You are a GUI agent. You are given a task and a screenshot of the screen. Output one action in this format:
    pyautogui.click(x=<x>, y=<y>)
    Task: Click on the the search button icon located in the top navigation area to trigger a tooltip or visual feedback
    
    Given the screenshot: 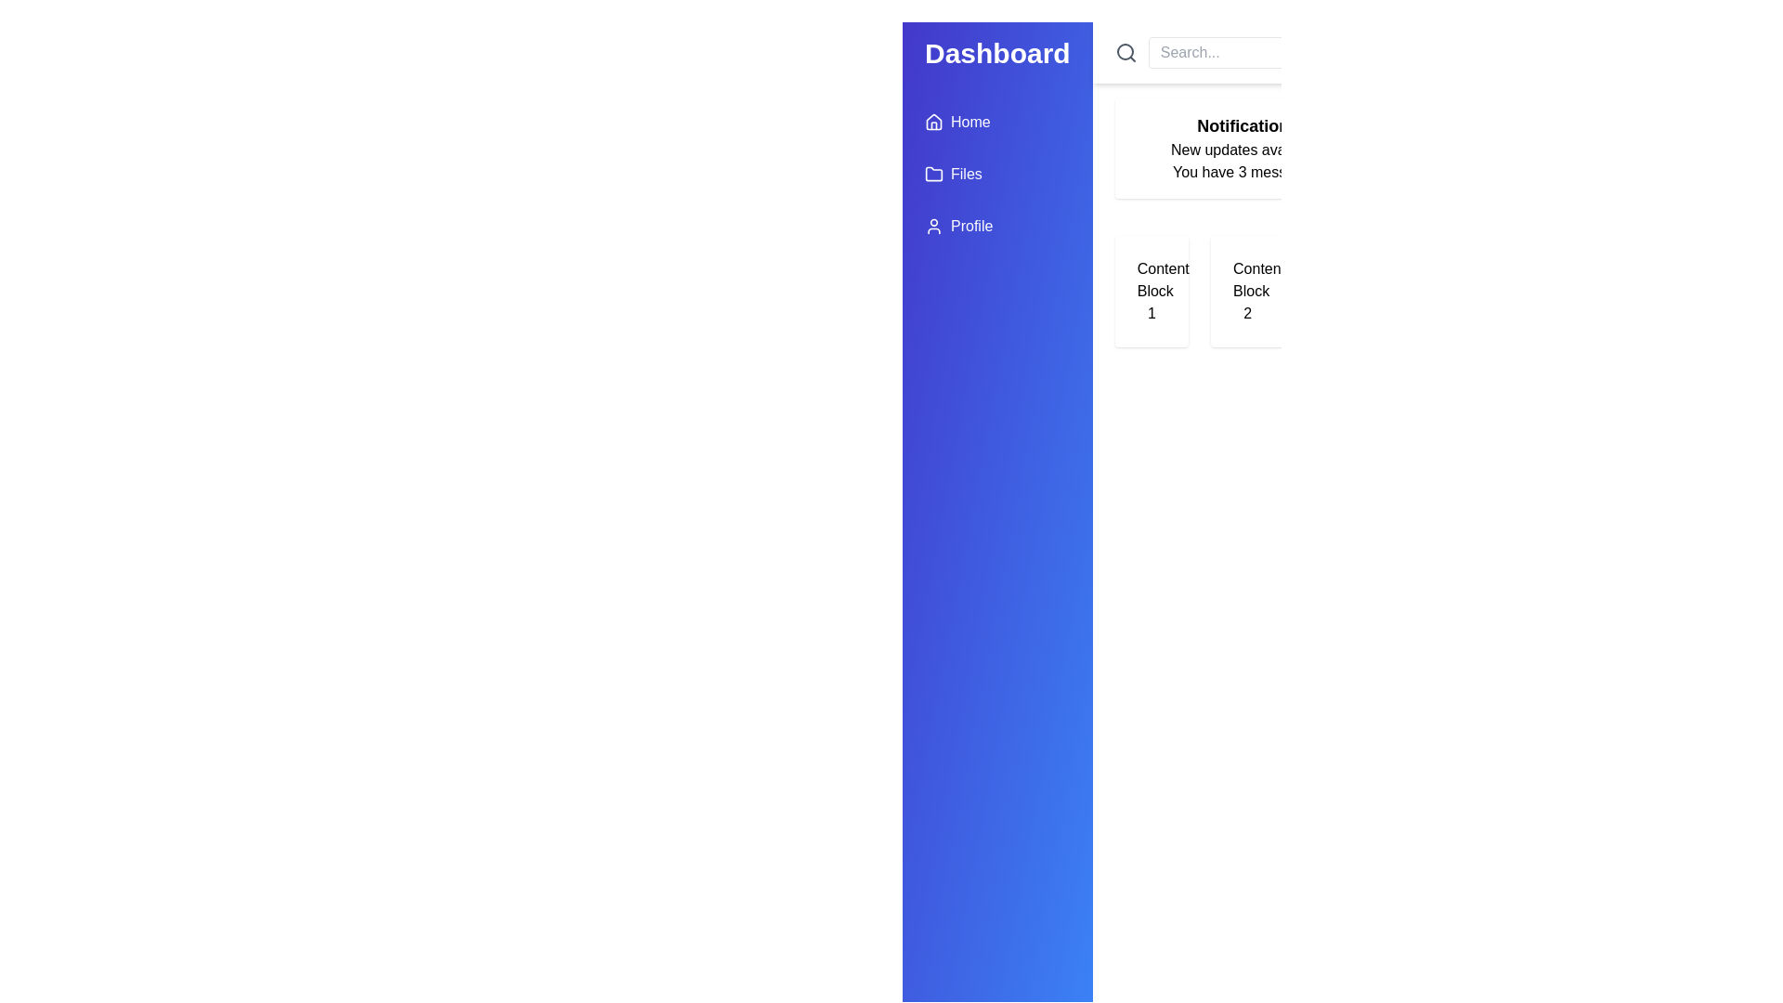 What is the action you would take?
    pyautogui.click(x=1125, y=52)
    